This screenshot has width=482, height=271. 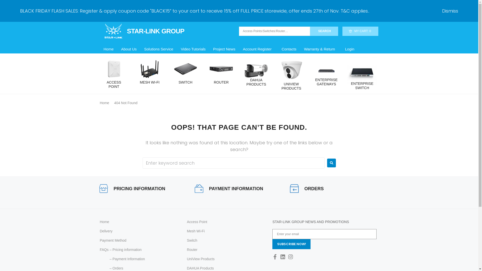 What do you see at coordinates (129, 49) in the screenshot?
I see `'About Us'` at bounding box center [129, 49].